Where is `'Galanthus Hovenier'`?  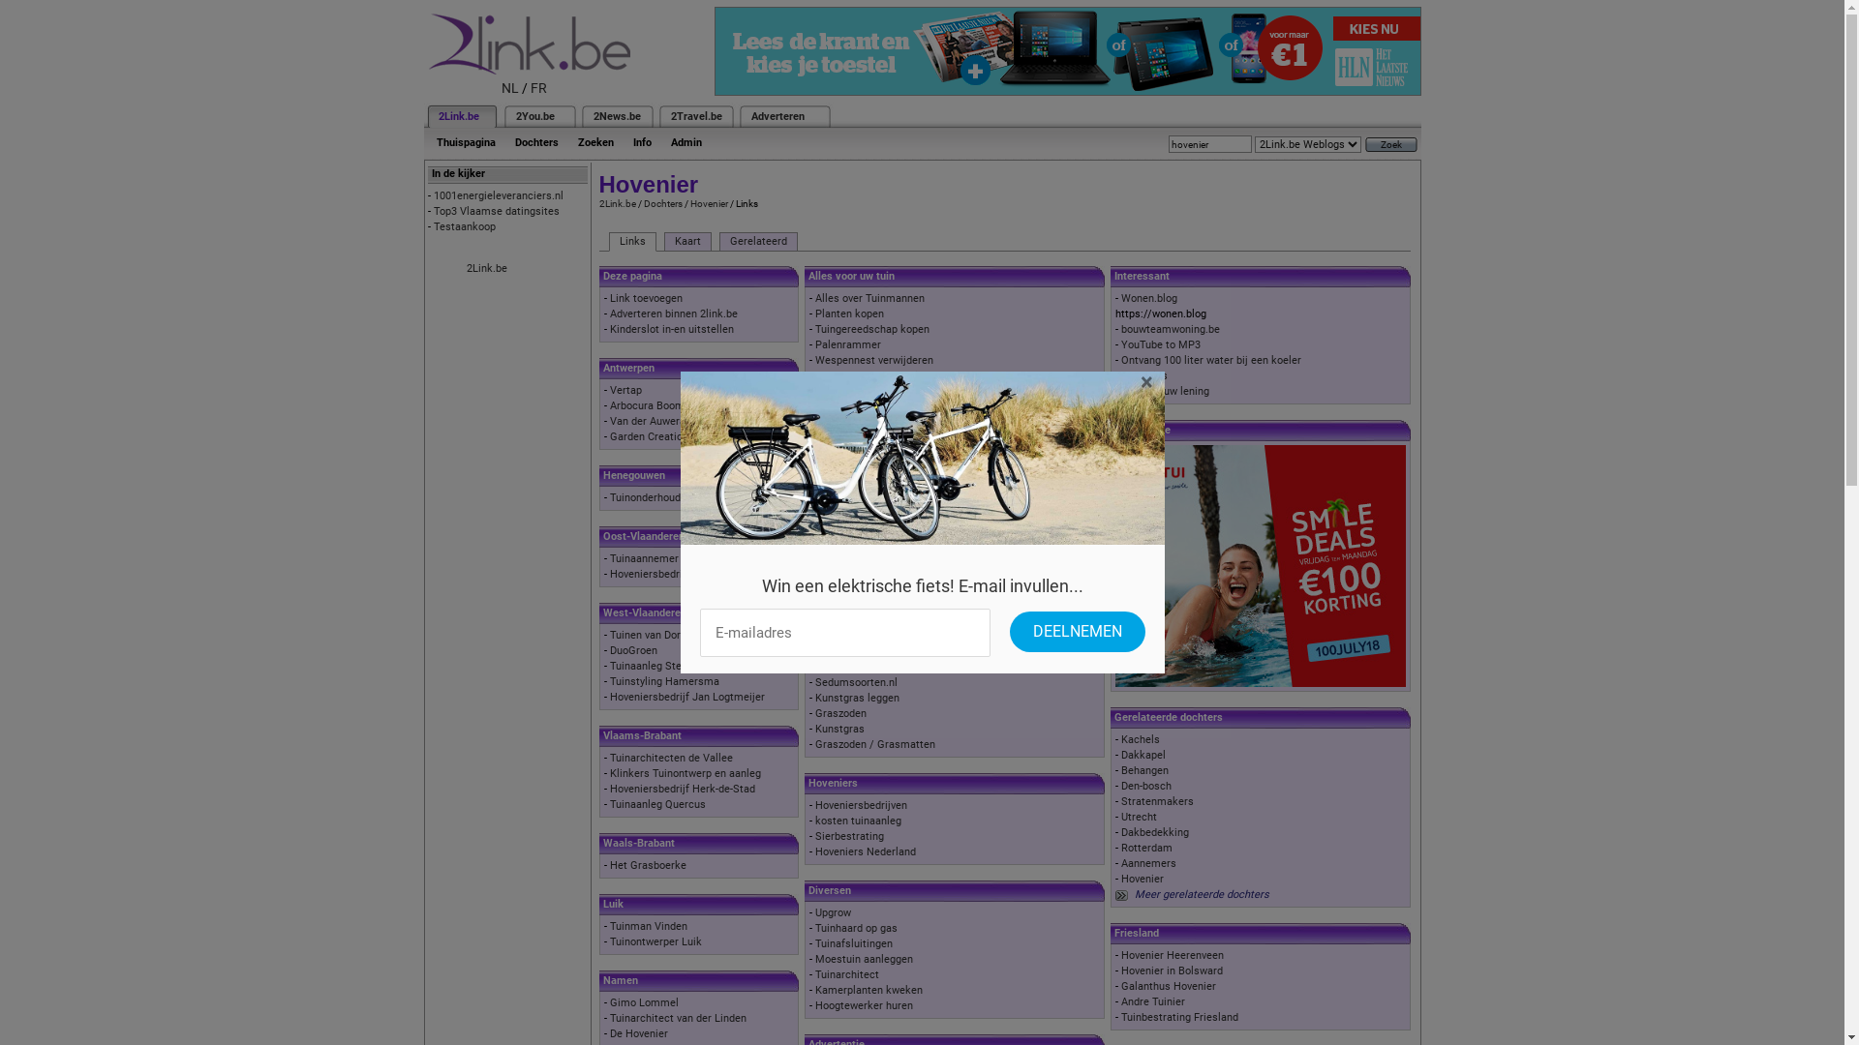 'Galanthus Hovenier' is located at coordinates (1120, 986).